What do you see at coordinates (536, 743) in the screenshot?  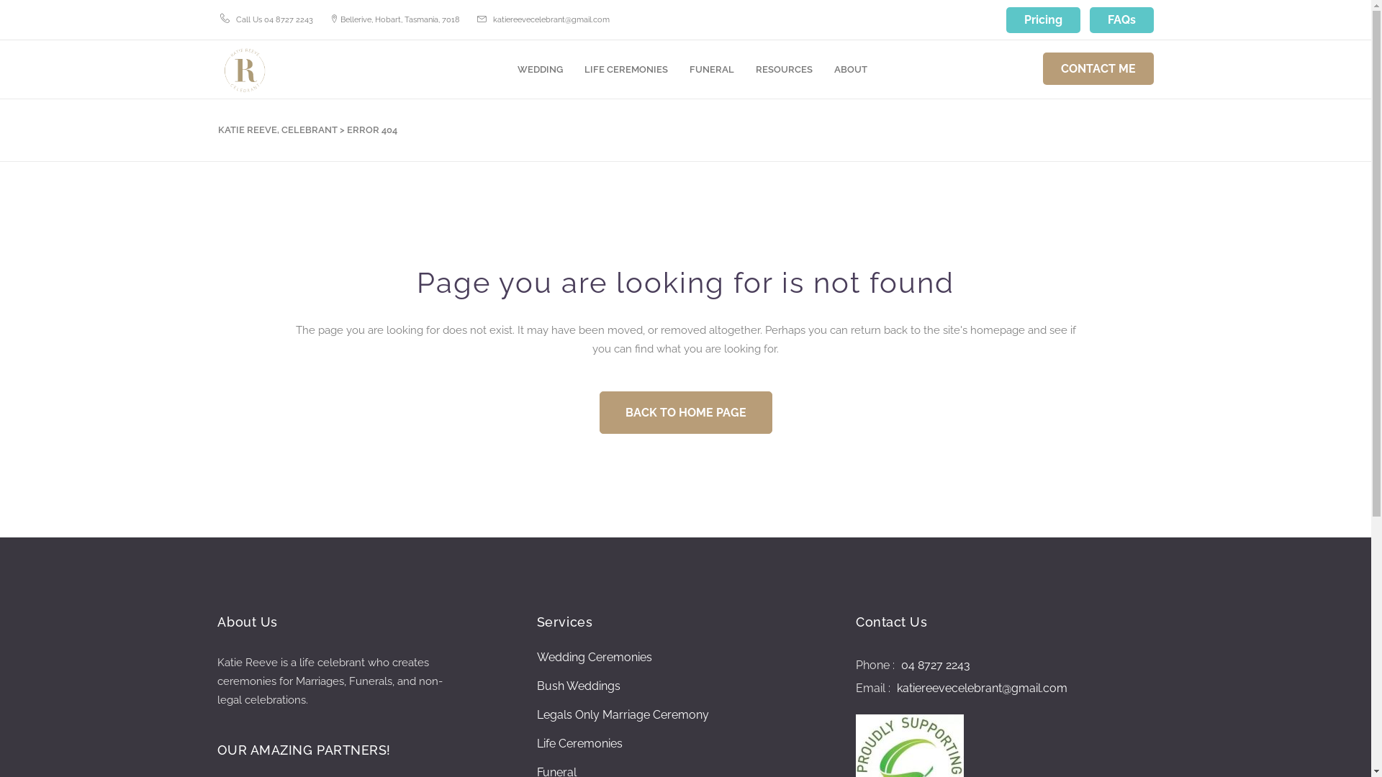 I see `'Life Ceremonies'` at bounding box center [536, 743].